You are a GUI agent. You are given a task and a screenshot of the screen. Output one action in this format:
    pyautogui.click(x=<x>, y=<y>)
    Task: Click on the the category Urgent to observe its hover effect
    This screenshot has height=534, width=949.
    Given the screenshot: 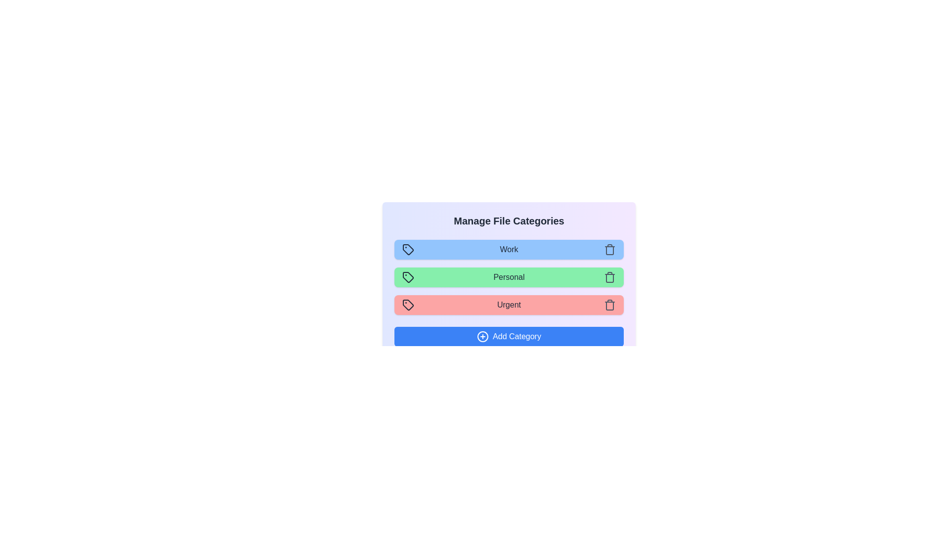 What is the action you would take?
    pyautogui.click(x=509, y=305)
    